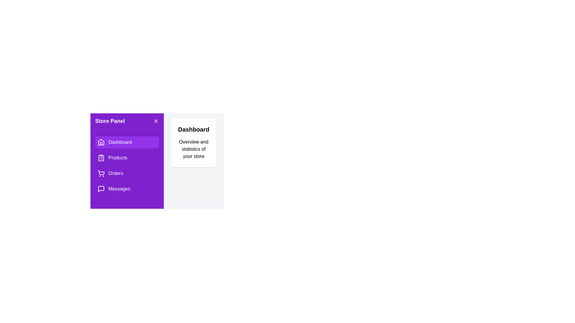  What do you see at coordinates (126, 189) in the screenshot?
I see `the navigation link for Messages to navigate to the respective section` at bounding box center [126, 189].